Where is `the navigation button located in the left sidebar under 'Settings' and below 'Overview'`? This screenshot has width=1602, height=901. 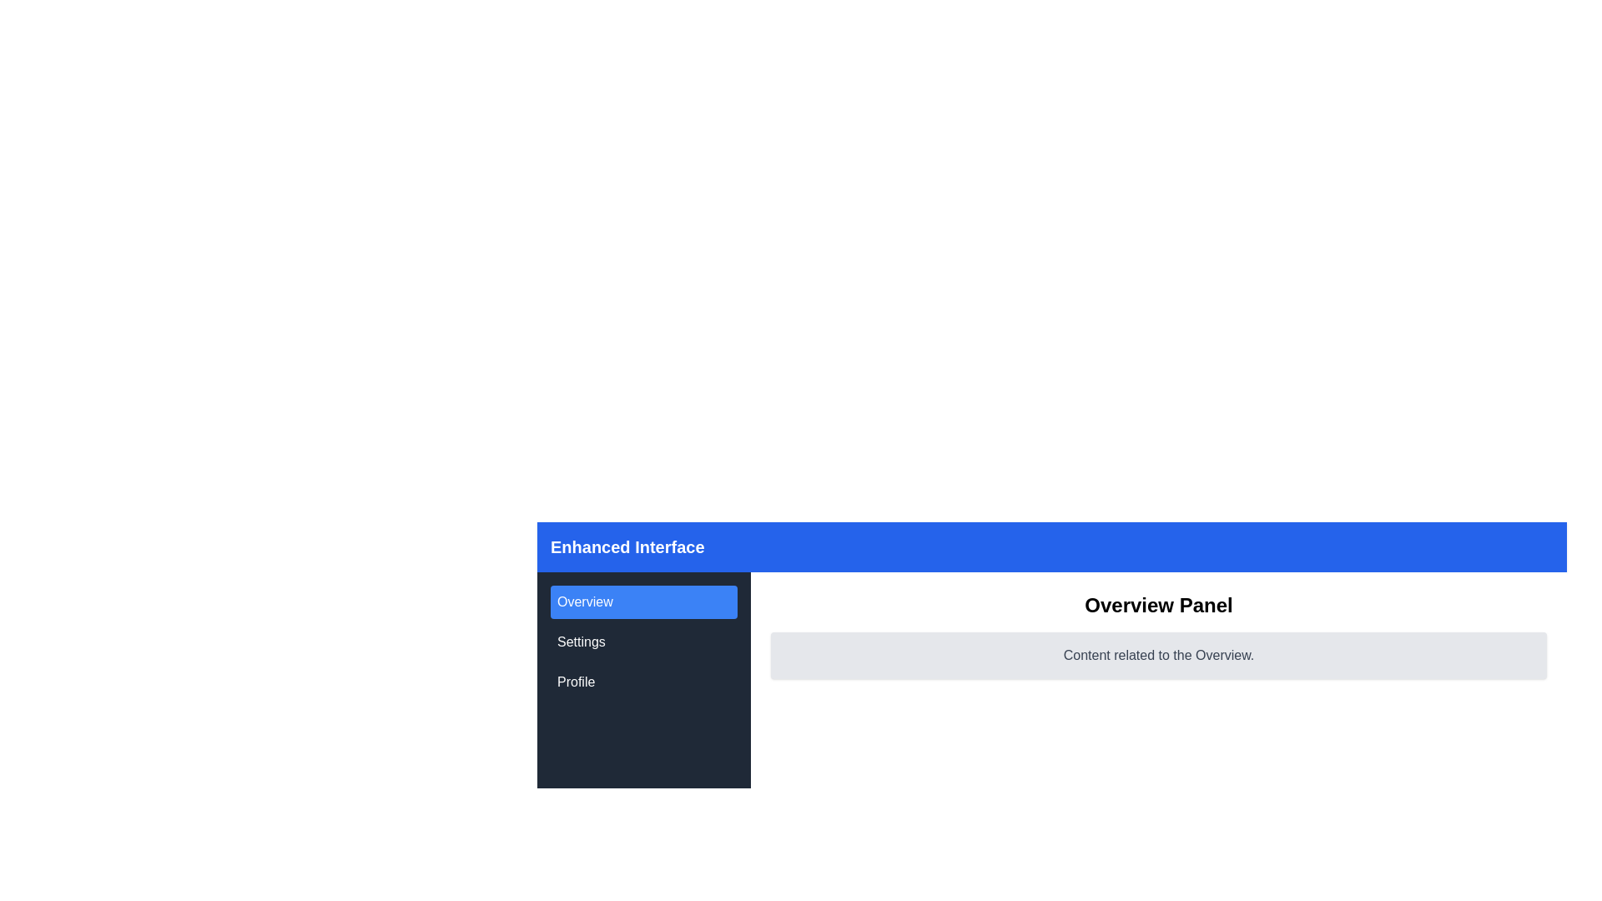
the navigation button located in the left sidebar under 'Settings' and below 'Overview' is located at coordinates (643, 682).